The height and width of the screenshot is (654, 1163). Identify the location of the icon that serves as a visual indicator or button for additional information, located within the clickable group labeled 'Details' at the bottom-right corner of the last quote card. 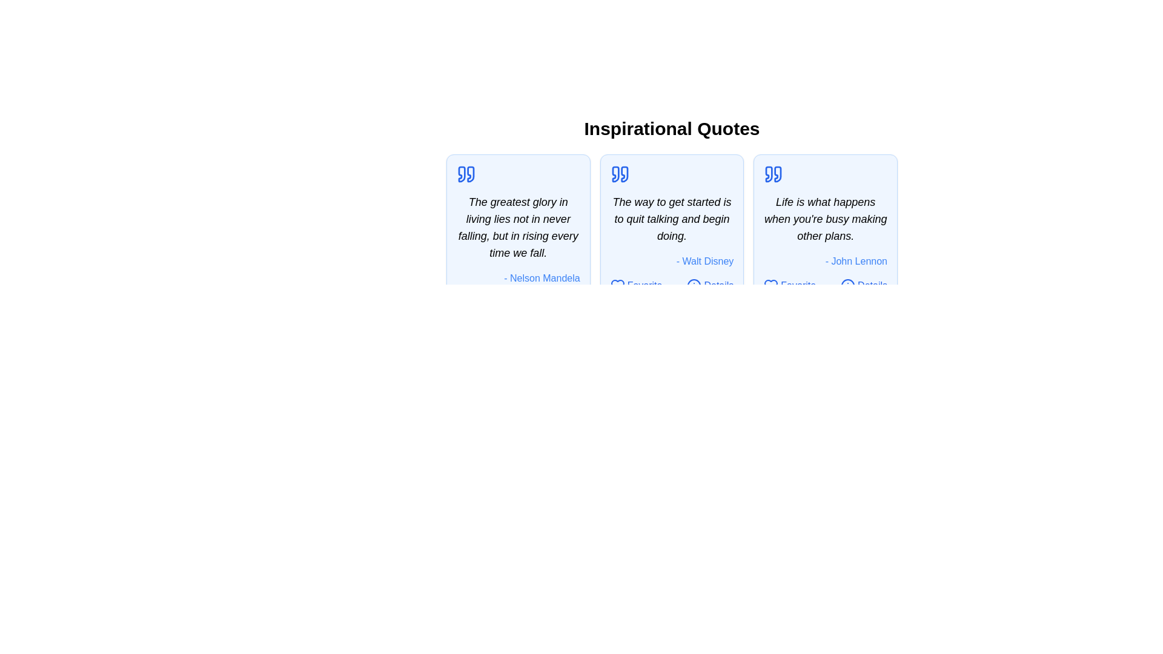
(847, 285).